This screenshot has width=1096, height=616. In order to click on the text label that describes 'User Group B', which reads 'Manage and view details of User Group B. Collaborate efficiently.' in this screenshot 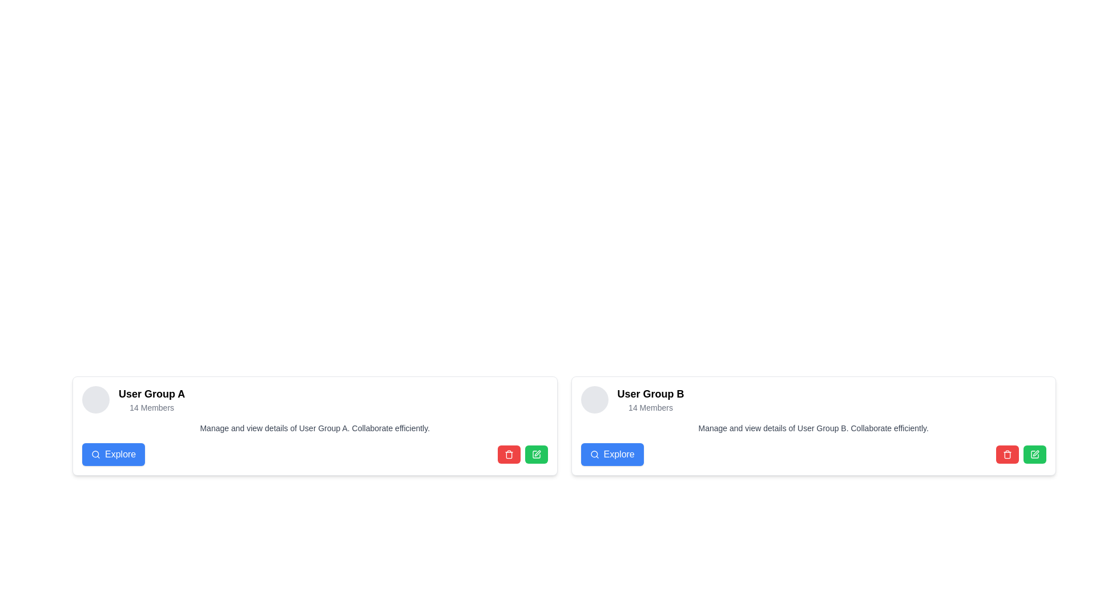, I will do `click(813, 428)`.